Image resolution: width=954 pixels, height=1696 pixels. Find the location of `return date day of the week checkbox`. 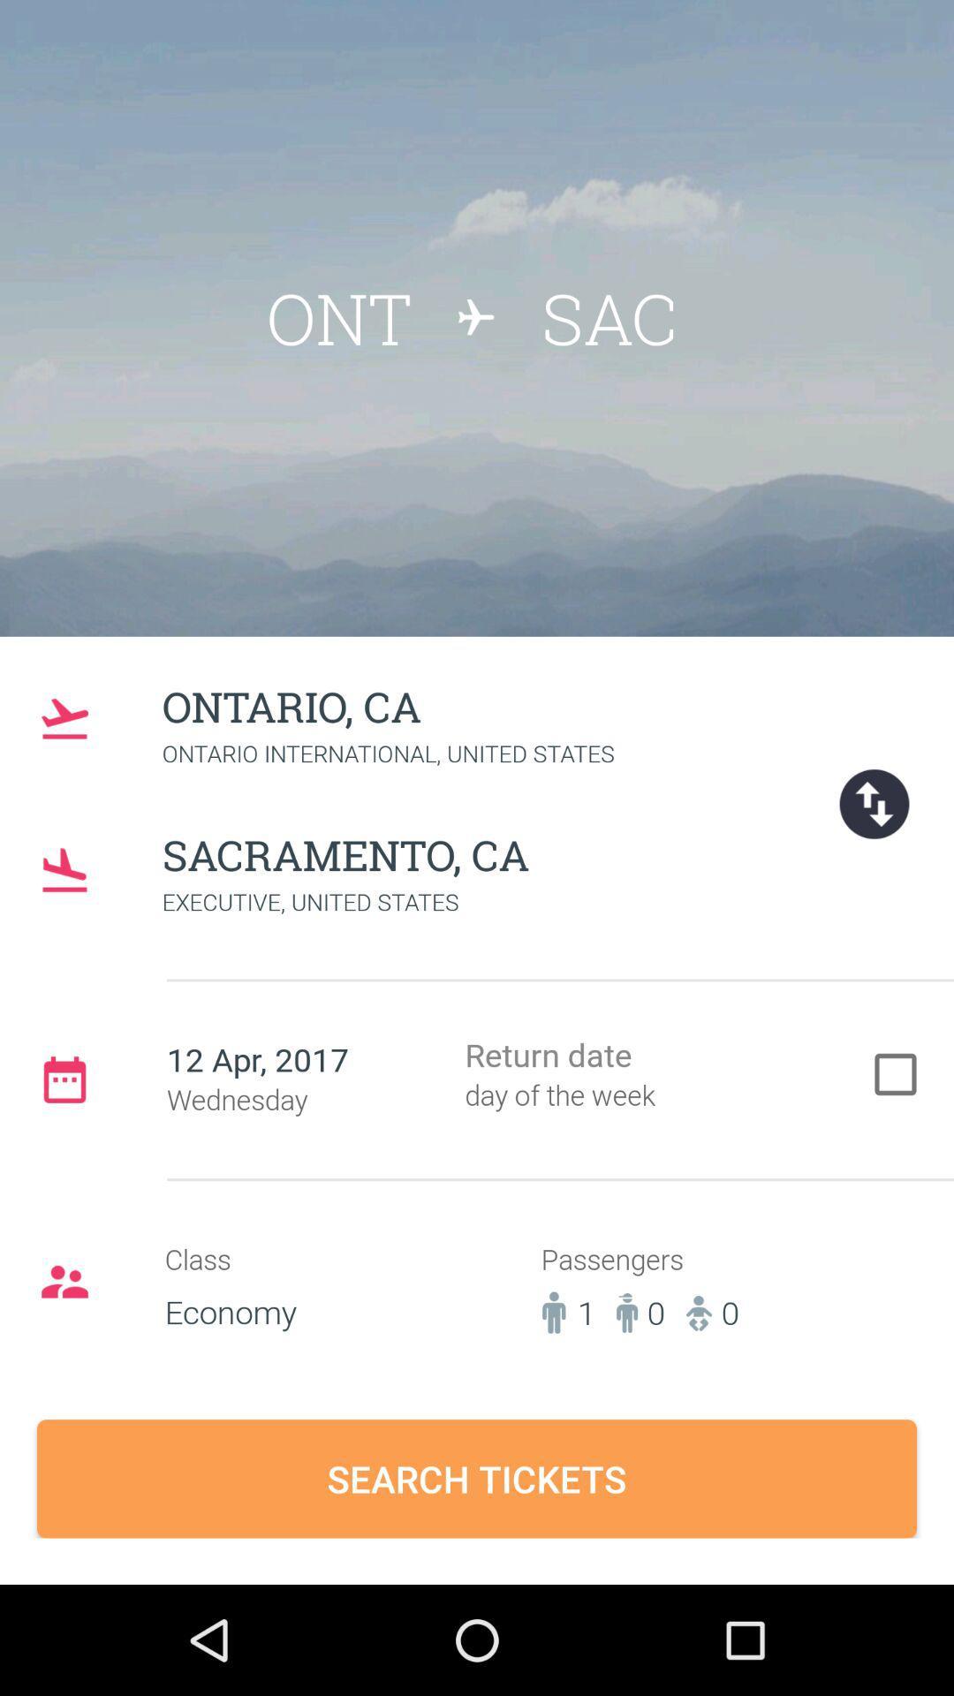

return date day of the week checkbox is located at coordinates (670, 1077).